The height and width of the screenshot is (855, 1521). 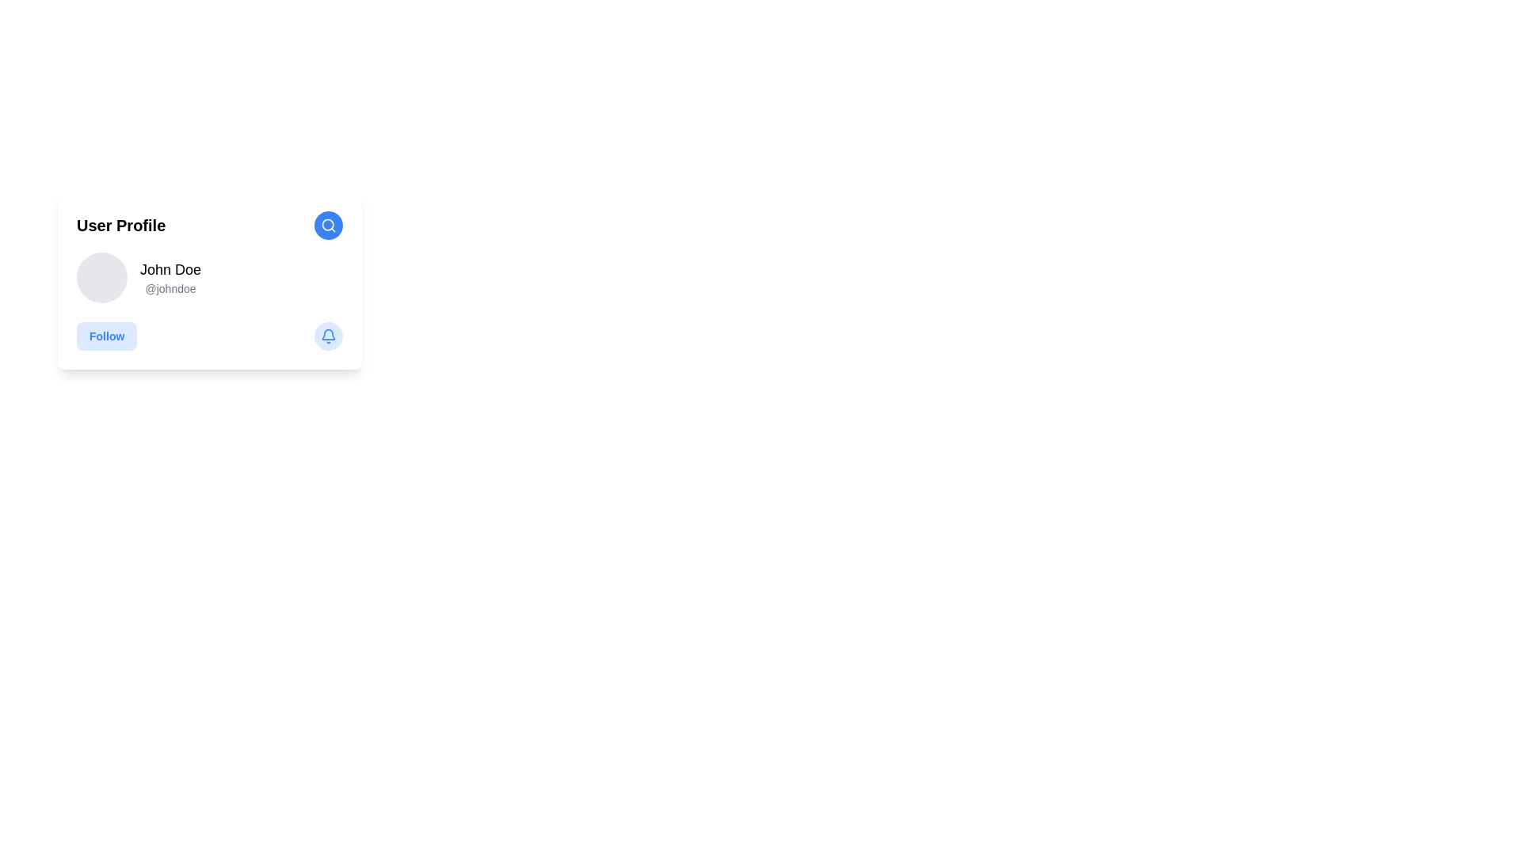 I want to click on the 'John Doe' text display element, which is styled in large bold font and located at the top-center of the user profile card, so click(x=170, y=268).